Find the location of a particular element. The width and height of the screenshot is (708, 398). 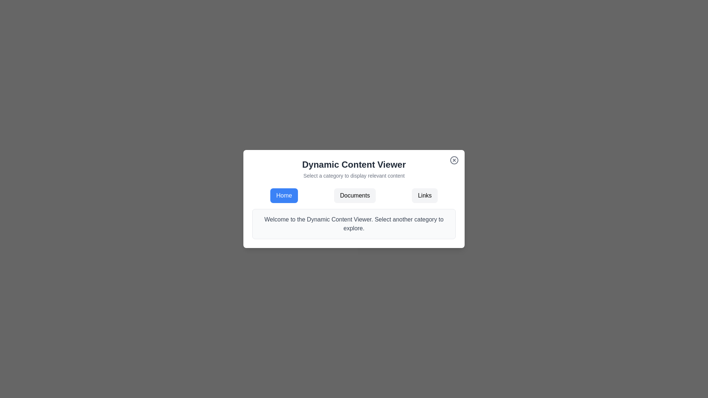

the navigation button on the far right that switches to the 'Links' category to change its background color is located at coordinates (425, 195).